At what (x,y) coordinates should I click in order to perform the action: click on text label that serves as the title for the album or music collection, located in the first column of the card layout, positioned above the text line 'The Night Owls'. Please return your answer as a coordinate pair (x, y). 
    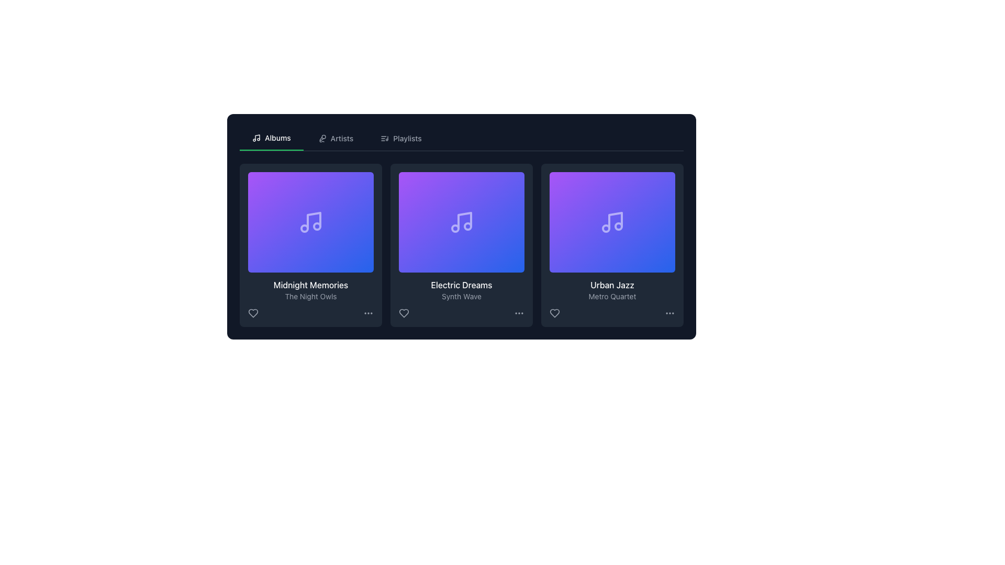
    Looking at the image, I should click on (310, 285).